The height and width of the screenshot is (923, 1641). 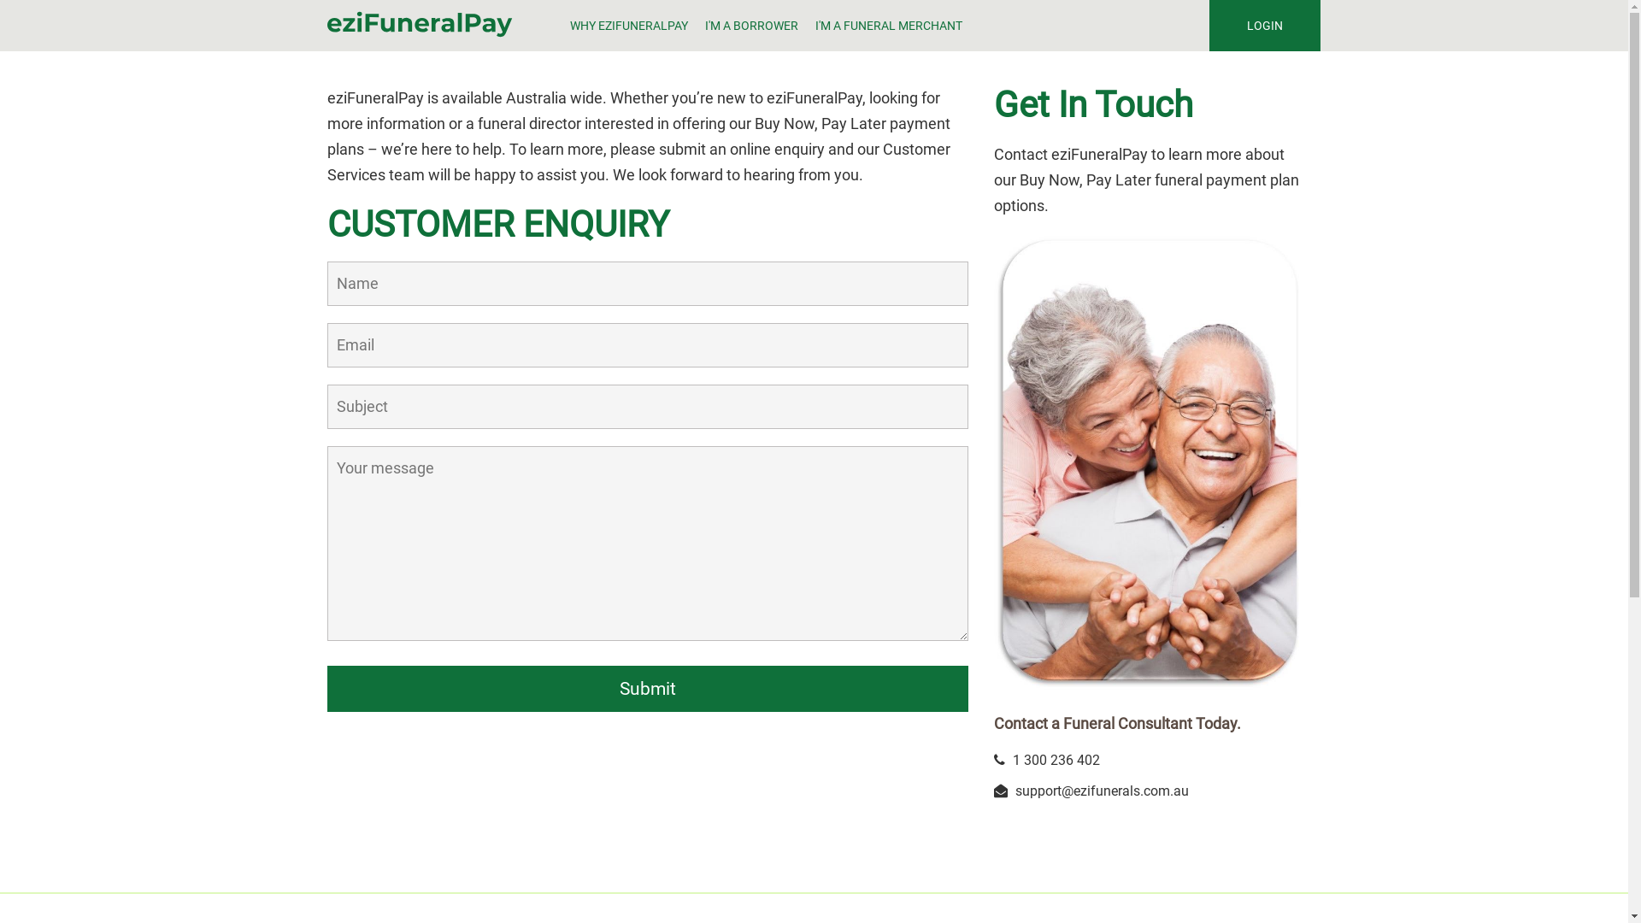 What do you see at coordinates (1102, 791) in the screenshot?
I see `'support@ezifunerals.com.au'` at bounding box center [1102, 791].